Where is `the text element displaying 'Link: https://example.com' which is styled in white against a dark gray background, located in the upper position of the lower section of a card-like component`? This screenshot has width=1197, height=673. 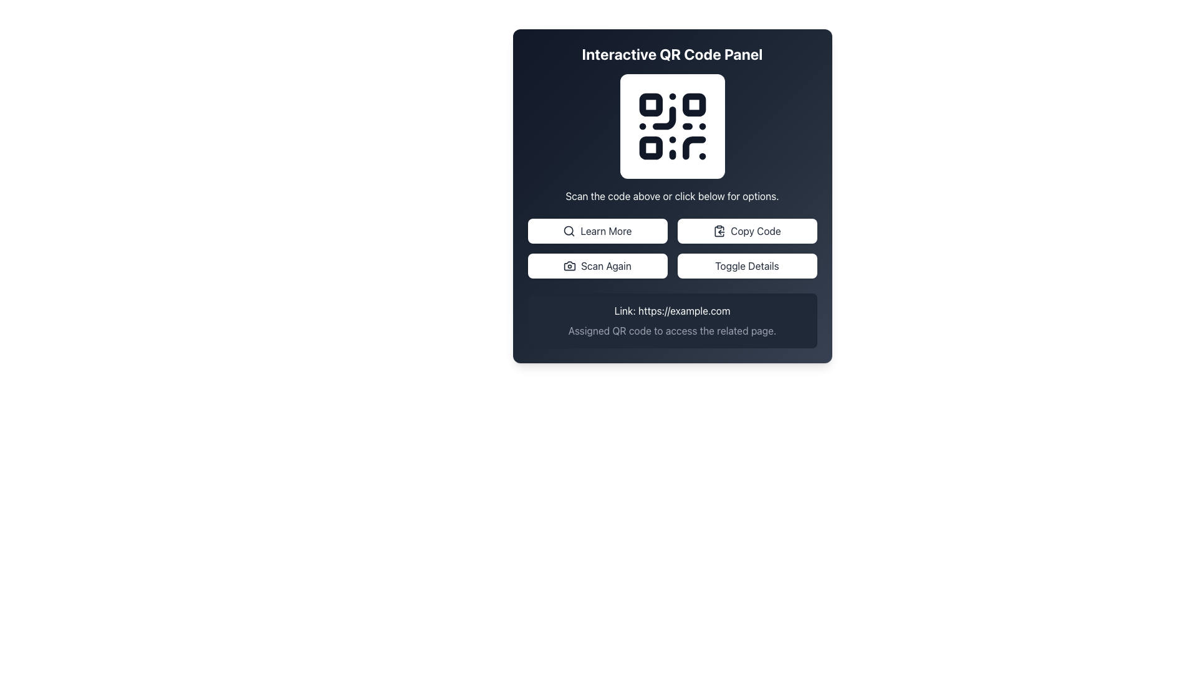
the text element displaying 'Link: https://example.com' which is styled in white against a dark gray background, located in the upper position of the lower section of a card-like component is located at coordinates (671, 310).